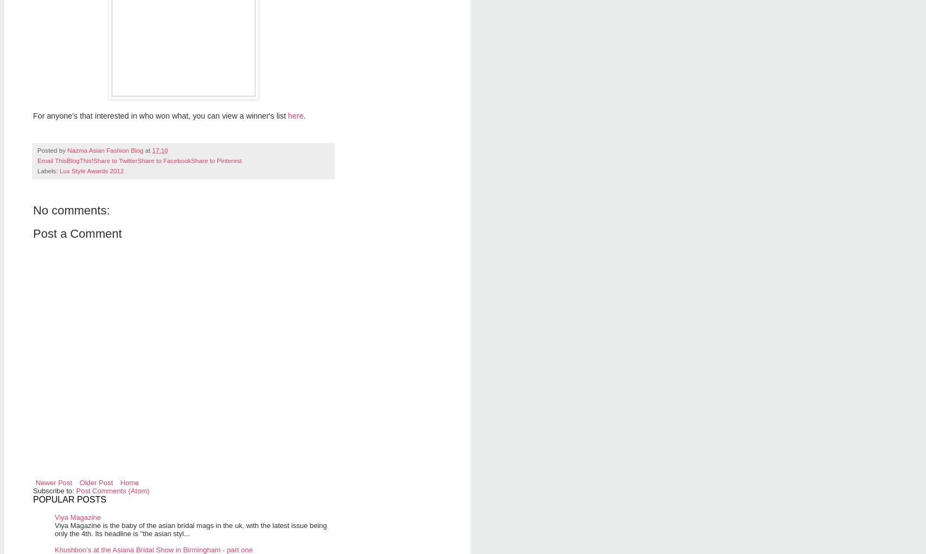 This screenshot has height=554, width=926. Describe the element at coordinates (93, 159) in the screenshot. I see `'Share to Twitter'` at that location.